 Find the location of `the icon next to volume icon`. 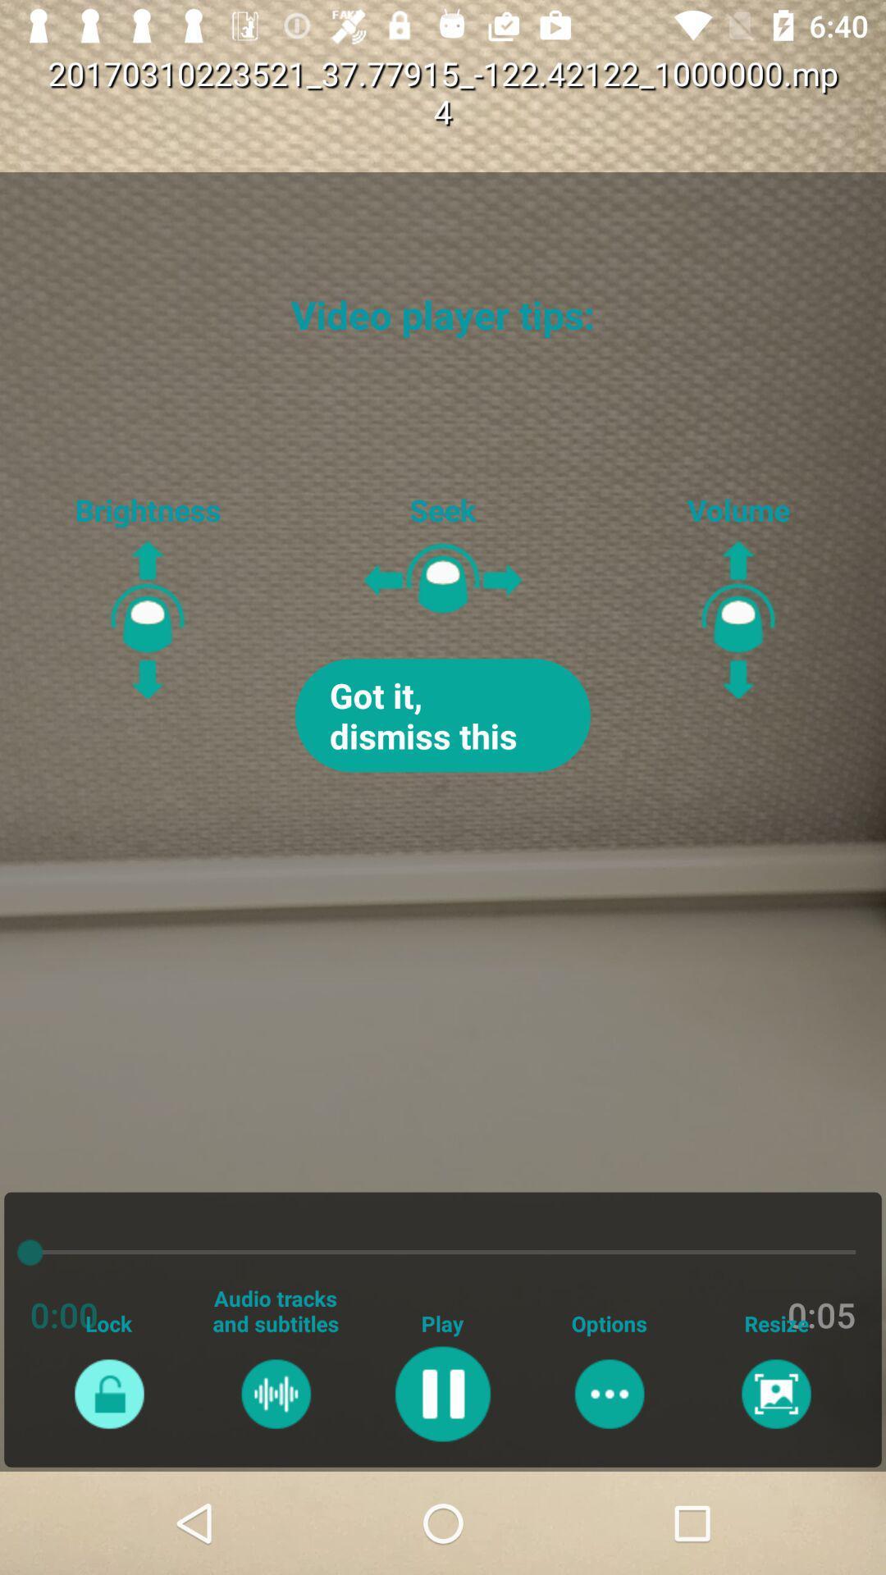

the icon next to volume icon is located at coordinates (443, 715).